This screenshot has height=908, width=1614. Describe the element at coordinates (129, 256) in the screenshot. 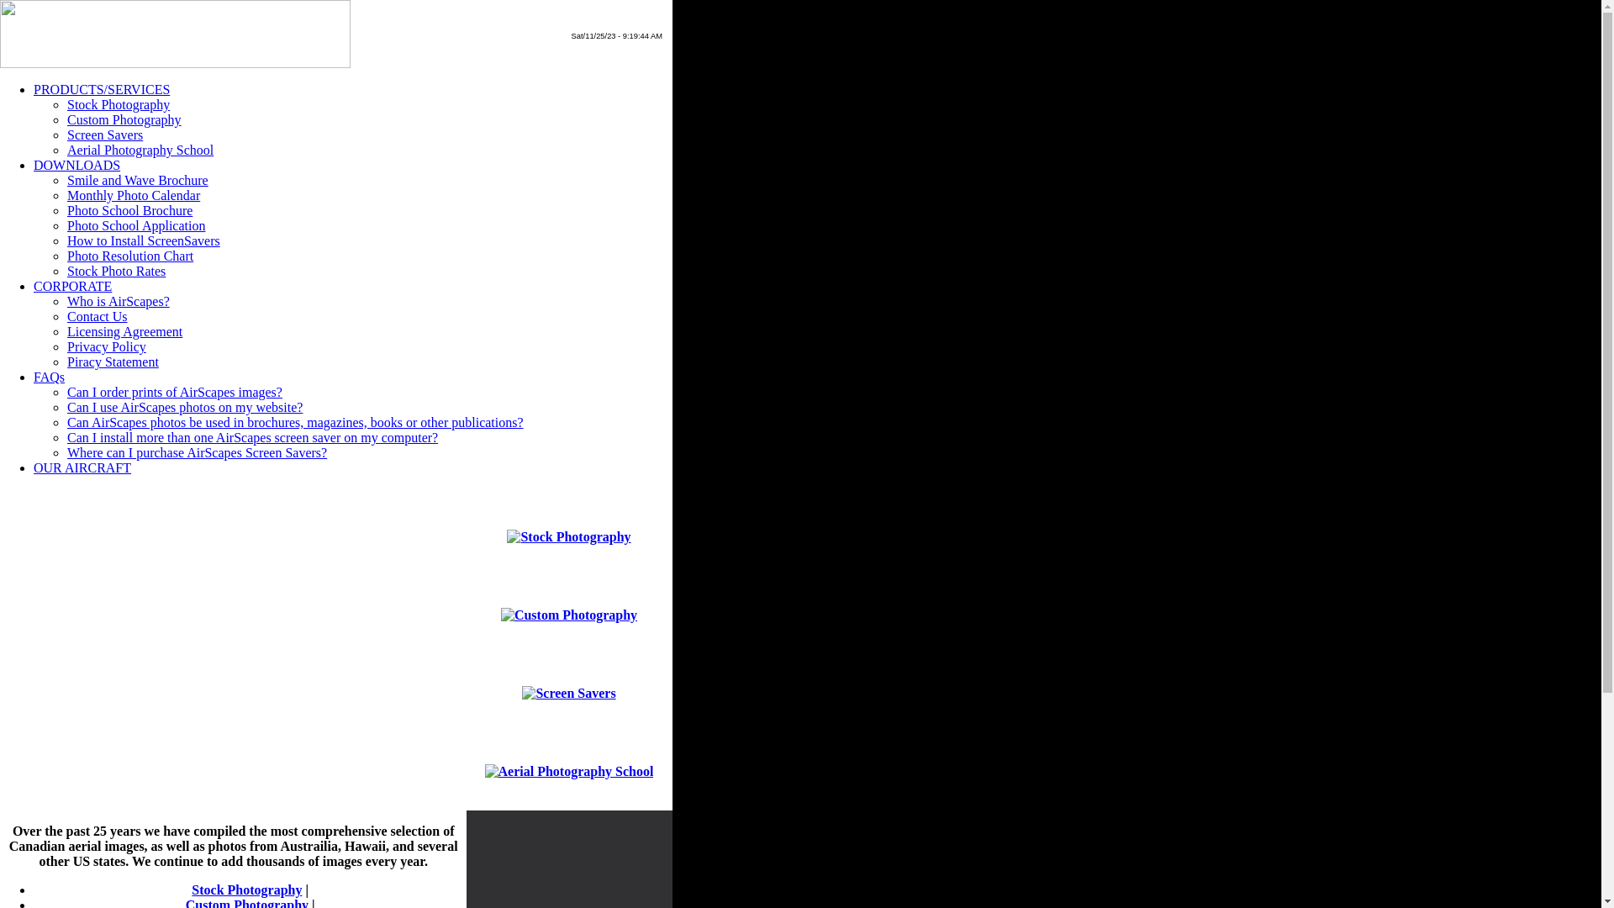

I see `'Photo Resolution Chart'` at that location.